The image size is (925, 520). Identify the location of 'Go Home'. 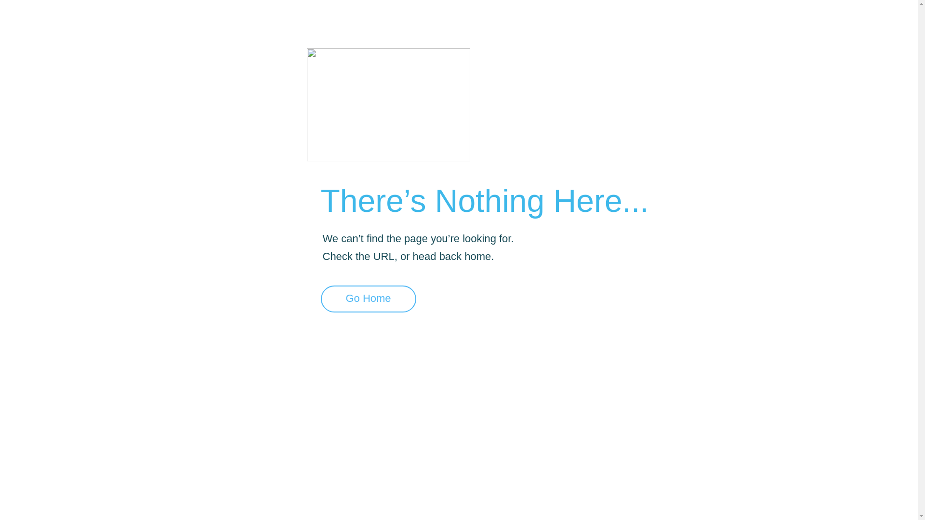
(368, 299).